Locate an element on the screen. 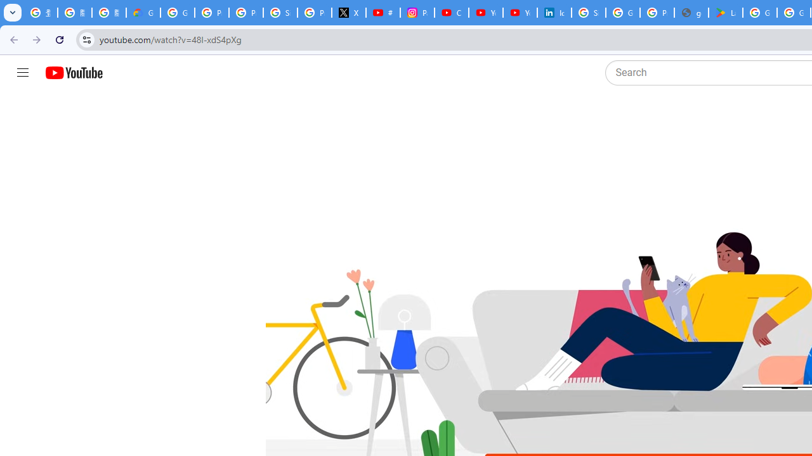  'Guide' is located at coordinates (22, 73).